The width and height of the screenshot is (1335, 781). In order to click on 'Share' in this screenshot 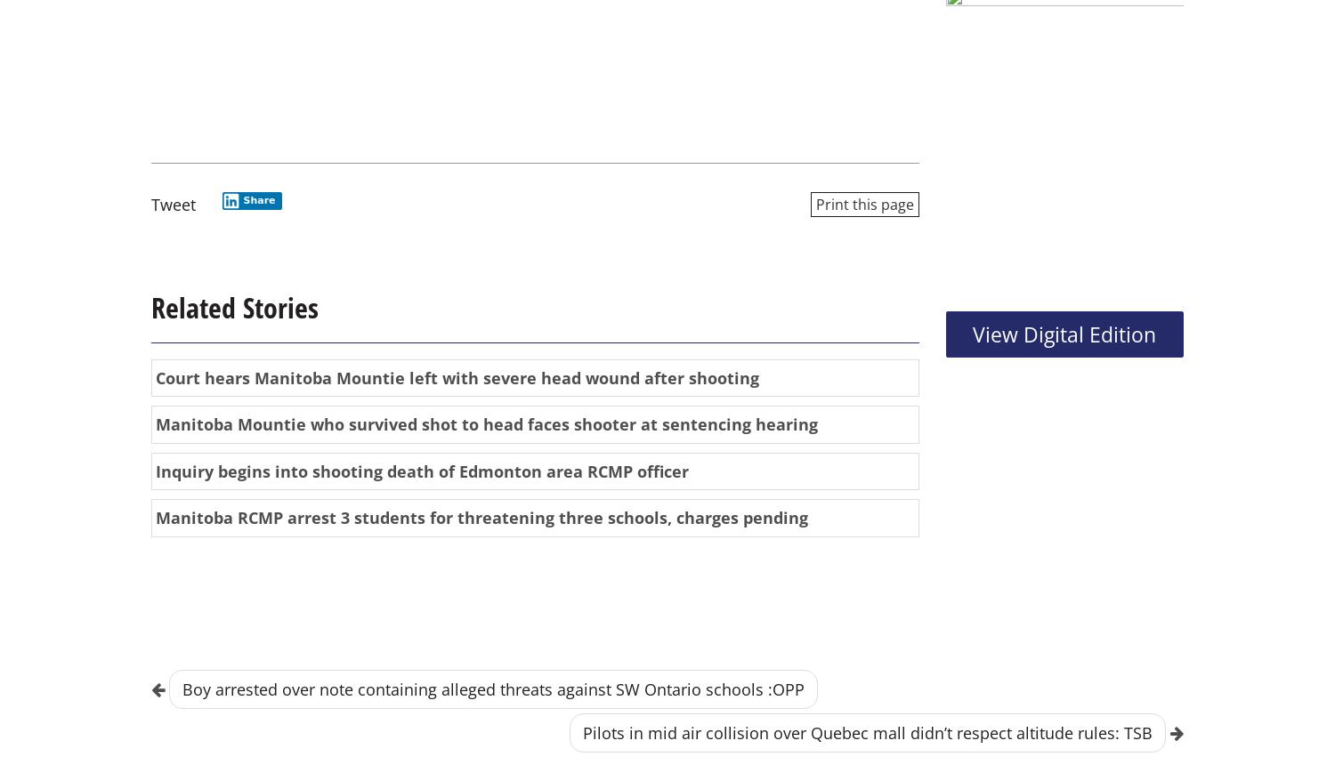, I will do `click(259, 199)`.